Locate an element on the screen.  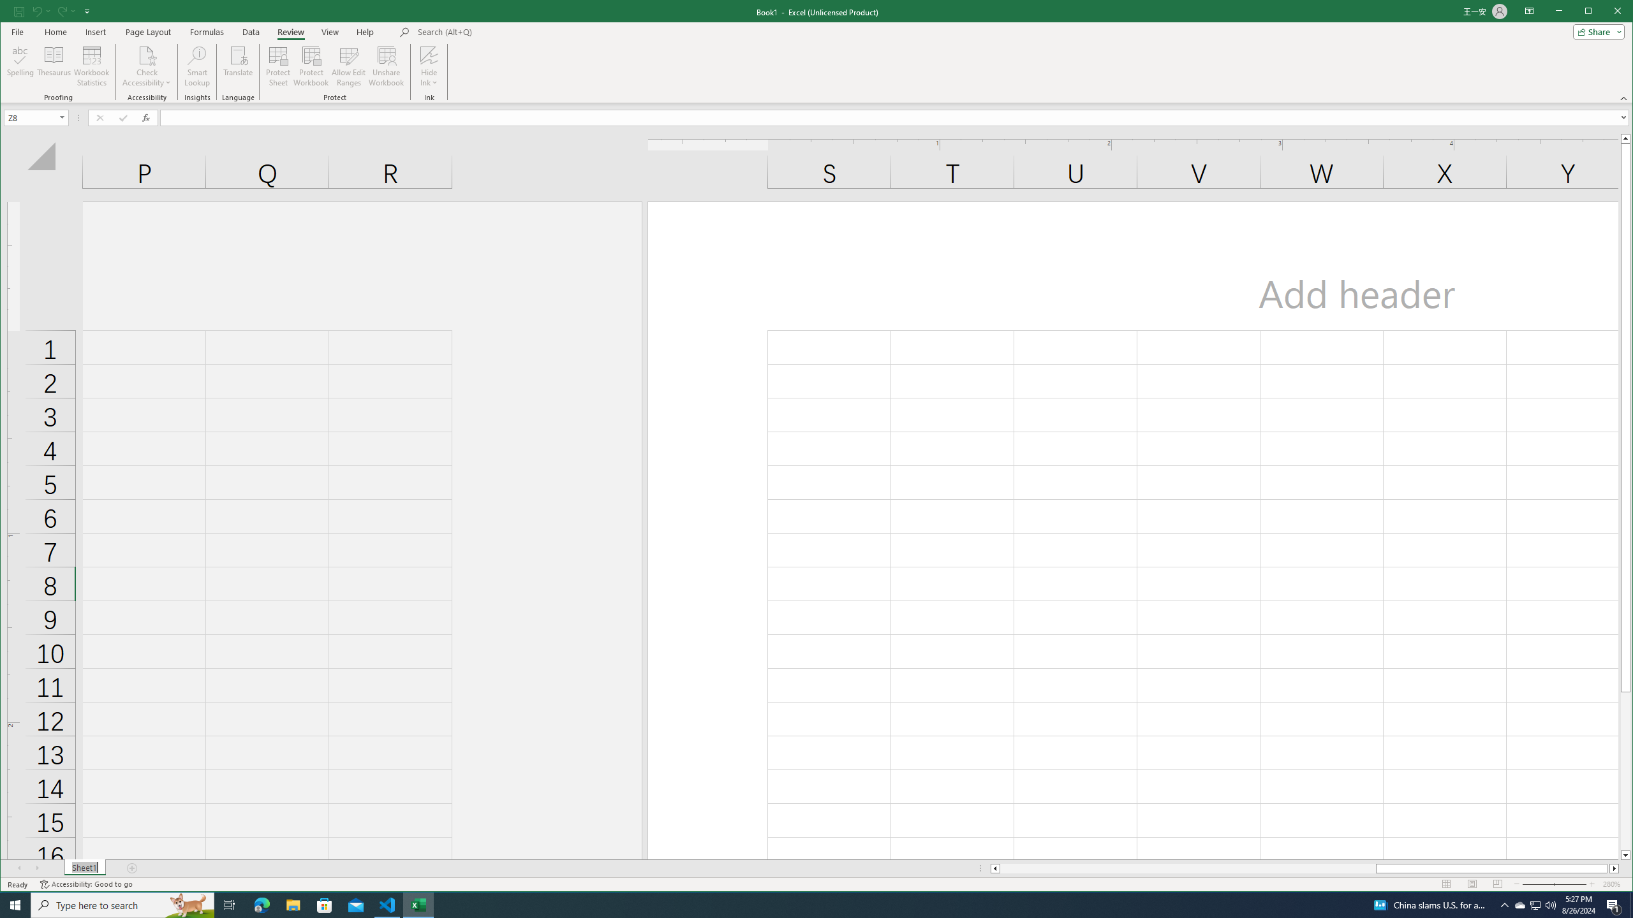
'Q2790: 100%' is located at coordinates (1549, 904).